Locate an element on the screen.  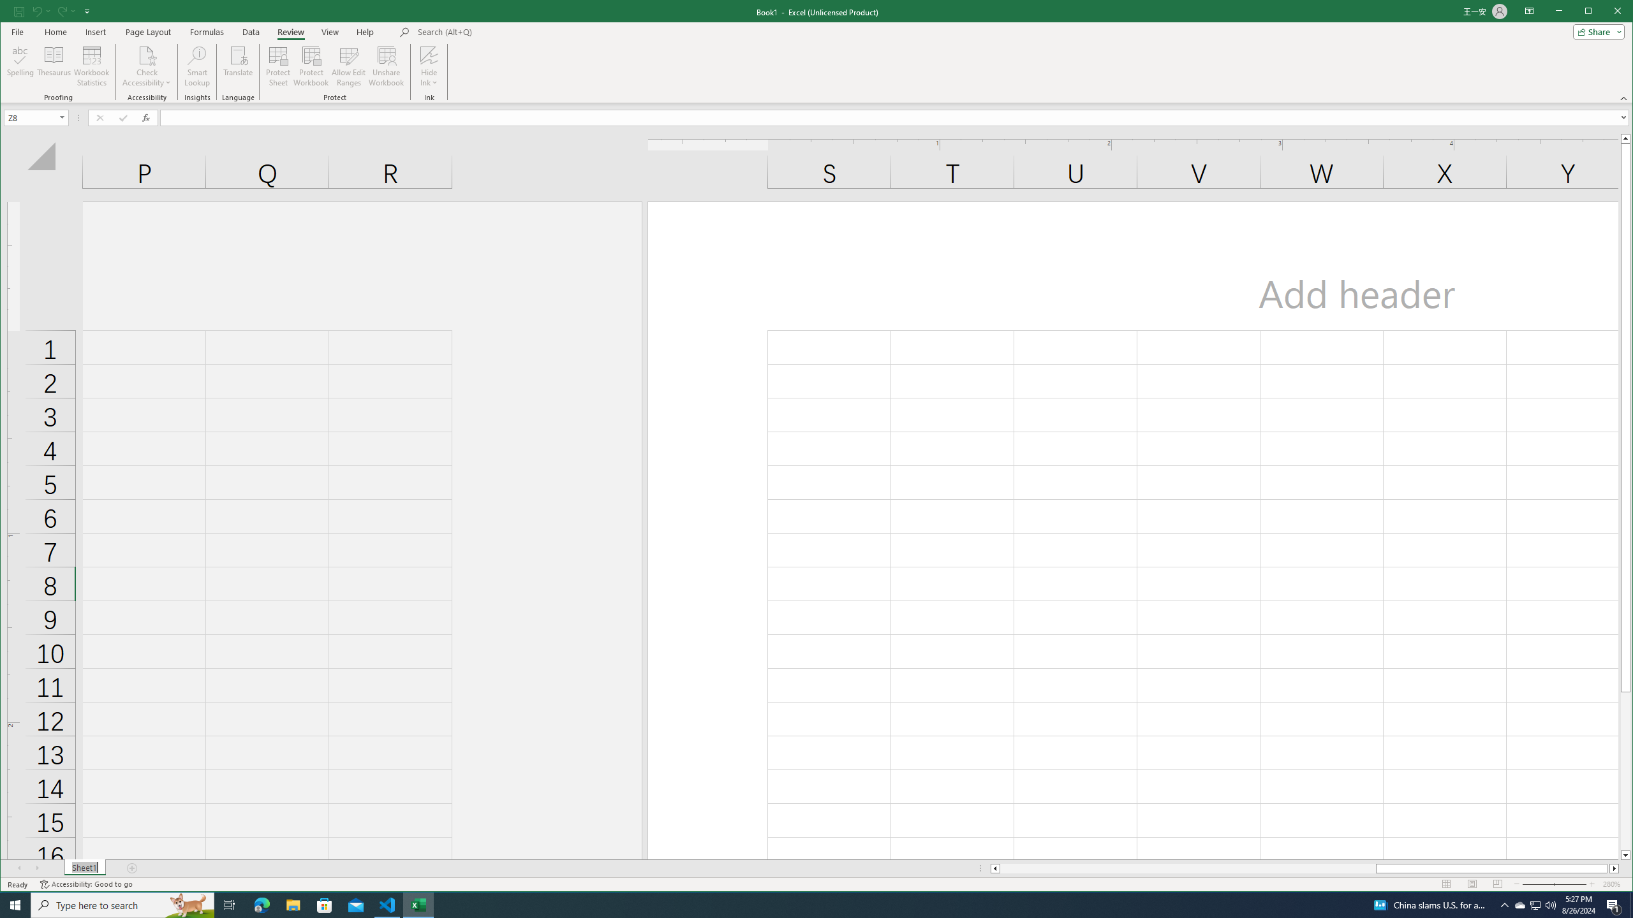
'Q2790: 100%' is located at coordinates (1549, 904).